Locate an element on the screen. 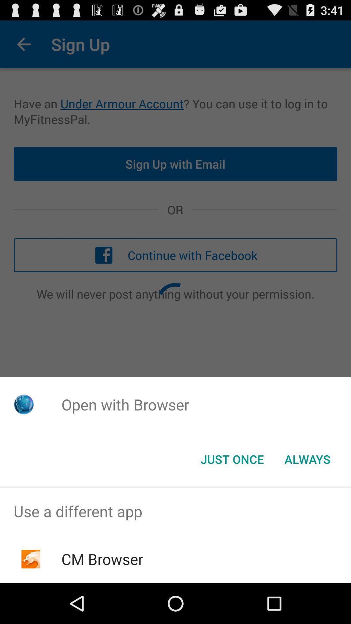 This screenshot has height=624, width=351. the always icon is located at coordinates (307, 459).